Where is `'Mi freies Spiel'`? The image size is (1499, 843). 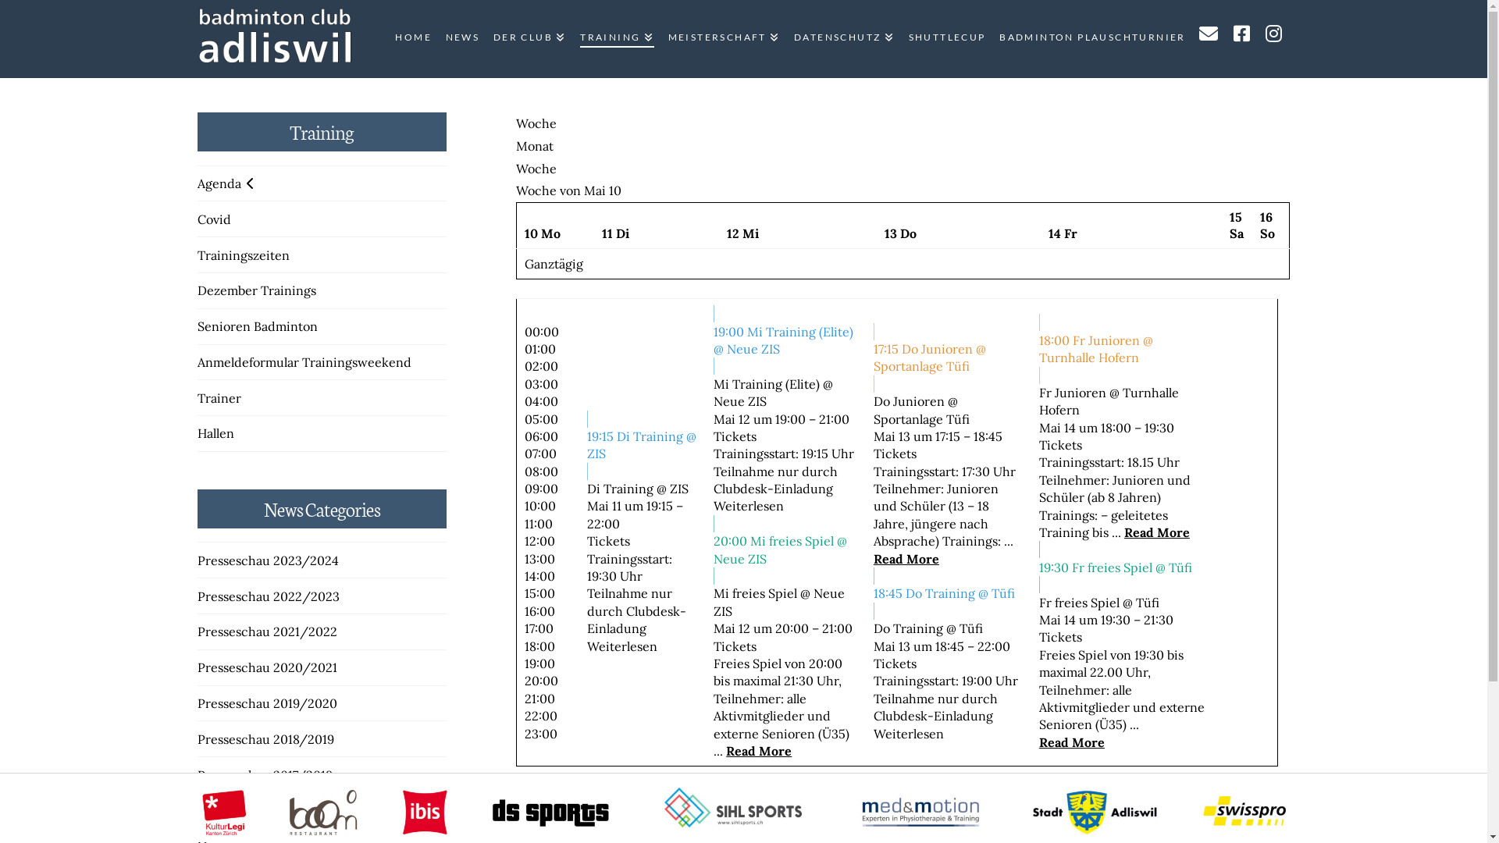 'Mi freies Spiel' is located at coordinates (712, 592).